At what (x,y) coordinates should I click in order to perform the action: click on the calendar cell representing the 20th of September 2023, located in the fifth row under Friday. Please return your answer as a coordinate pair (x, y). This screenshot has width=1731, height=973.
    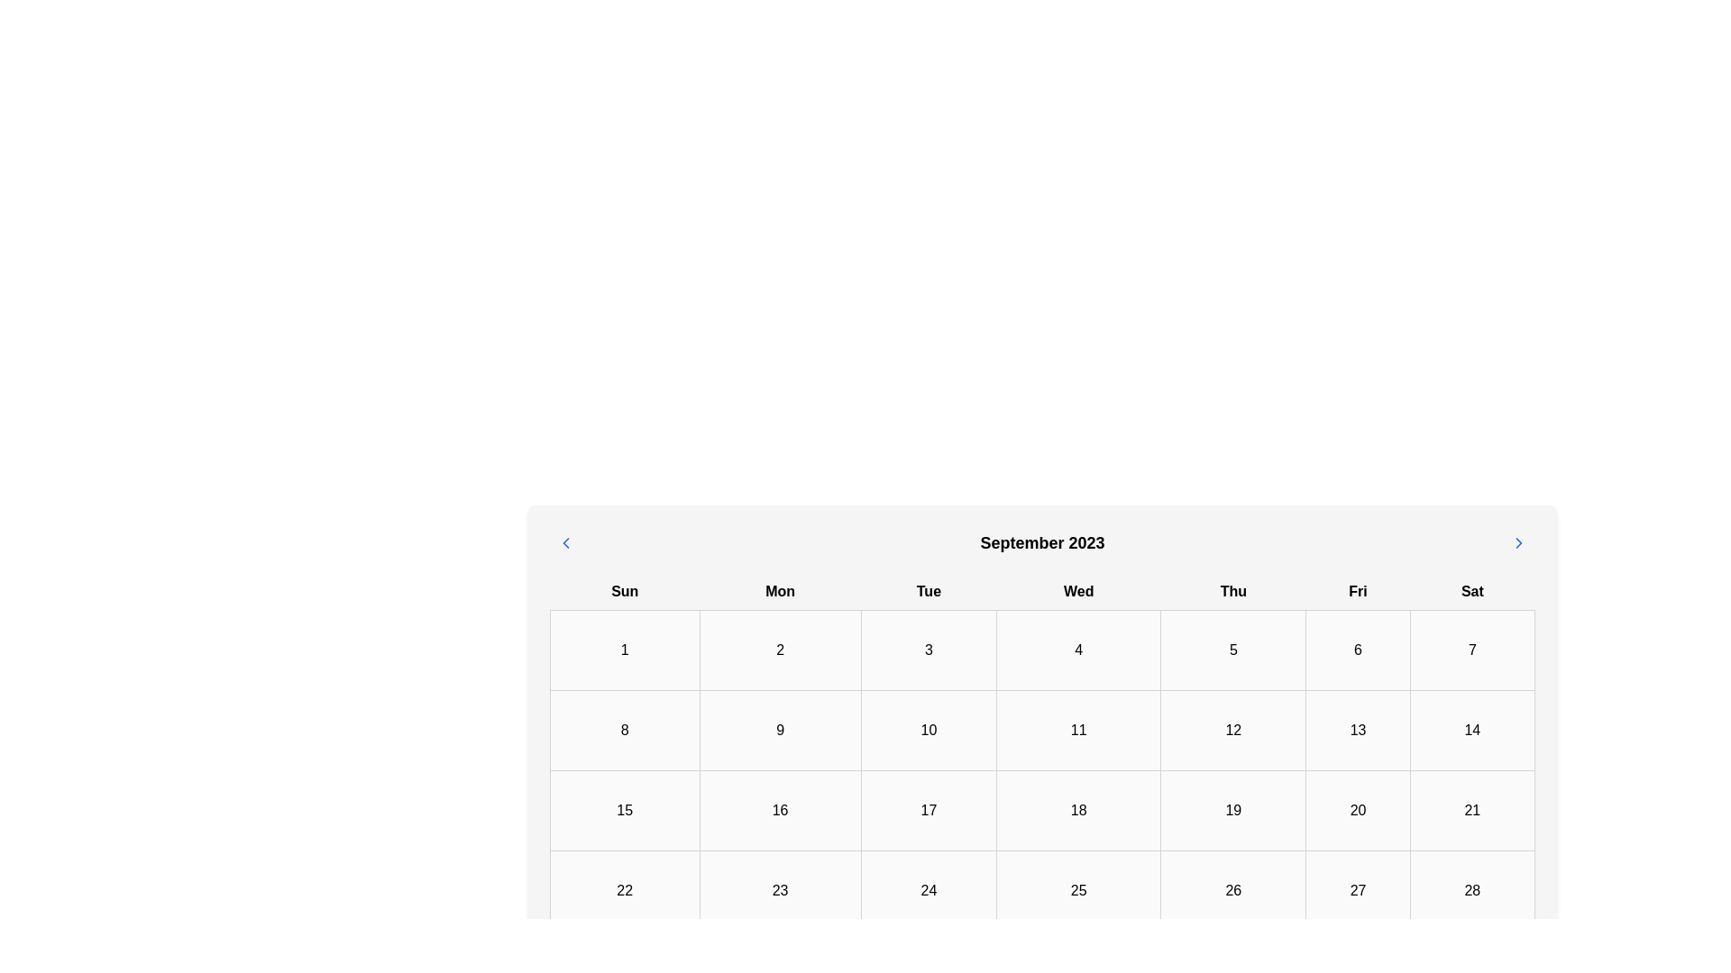
    Looking at the image, I should click on (1358, 809).